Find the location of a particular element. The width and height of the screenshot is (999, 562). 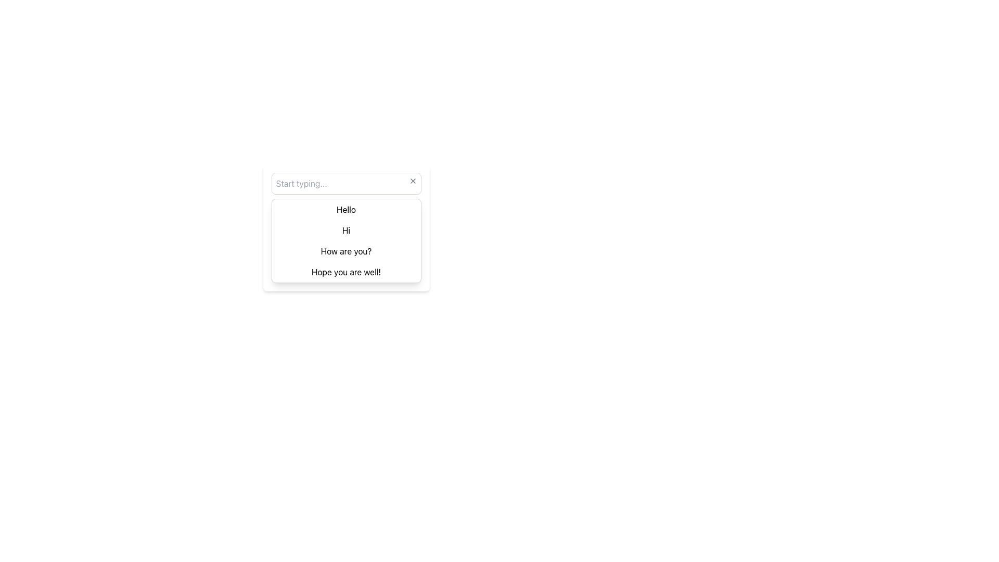

the third item in the dropdown menu is located at coordinates (346, 251).